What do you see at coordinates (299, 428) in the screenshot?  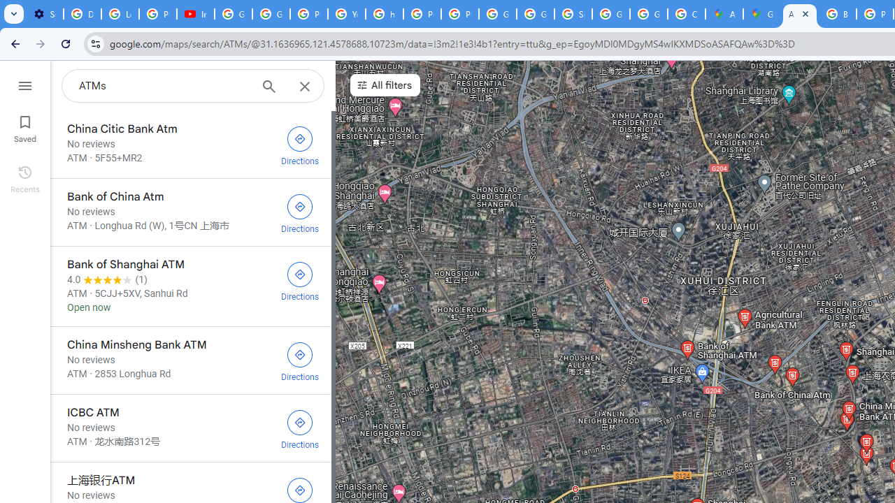 I see `'Get directions to ICBC ATM'` at bounding box center [299, 428].